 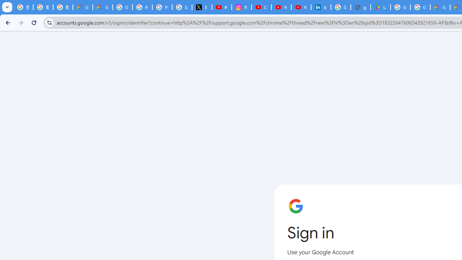 What do you see at coordinates (301, 7) in the screenshot?
I see `'YouTube Culture & Trends - YouTube Top 10, 2021'` at bounding box center [301, 7].